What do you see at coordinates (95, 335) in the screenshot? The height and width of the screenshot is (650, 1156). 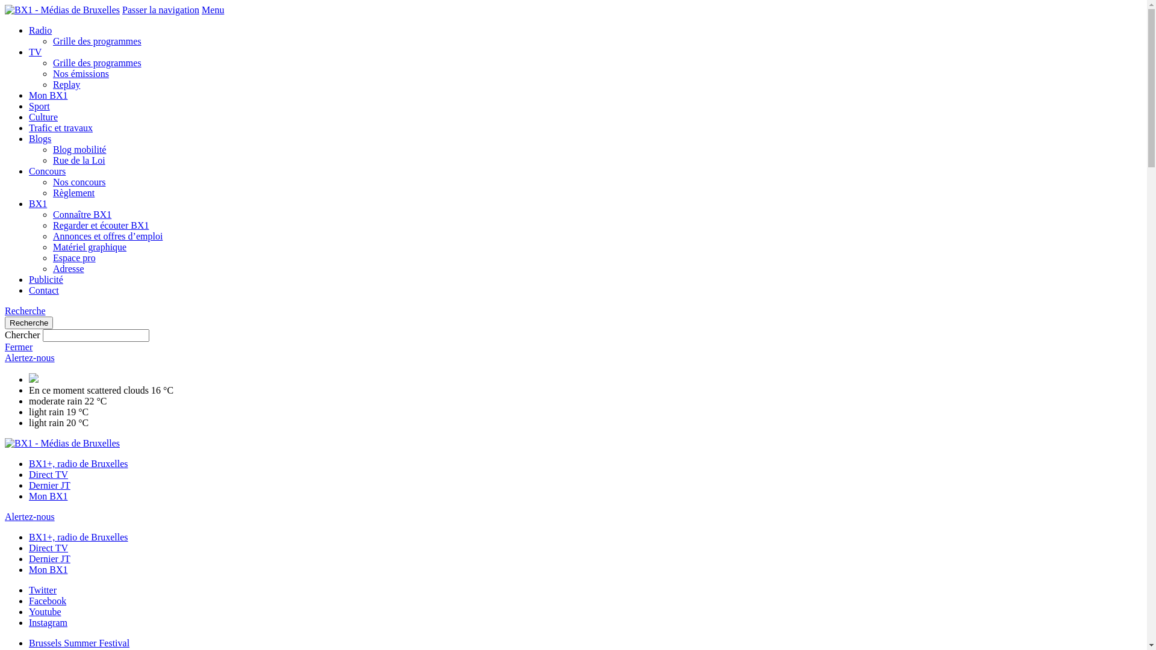 I see `'Rechercher les mots-clefs'` at bounding box center [95, 335].